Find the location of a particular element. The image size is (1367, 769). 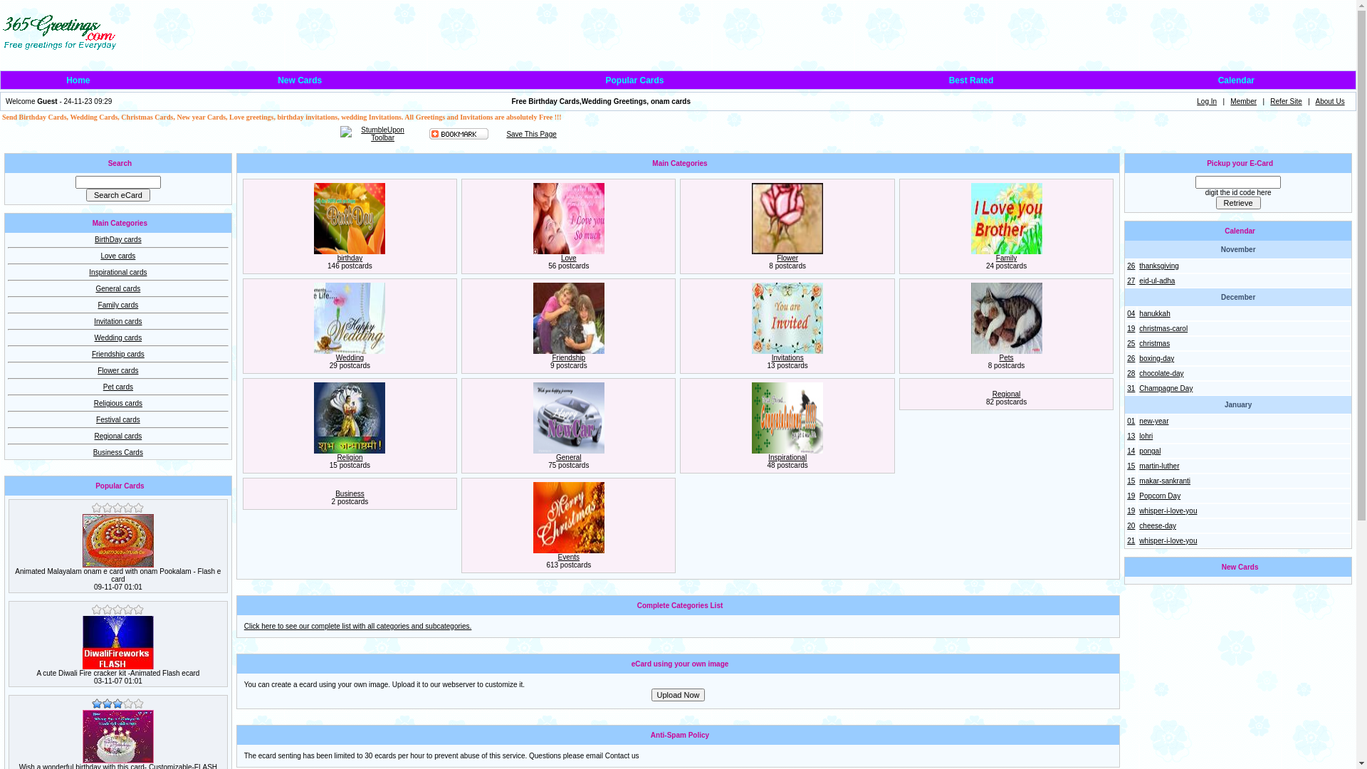

'whisper-i-love-you' is located at coordinates (1168, 540).